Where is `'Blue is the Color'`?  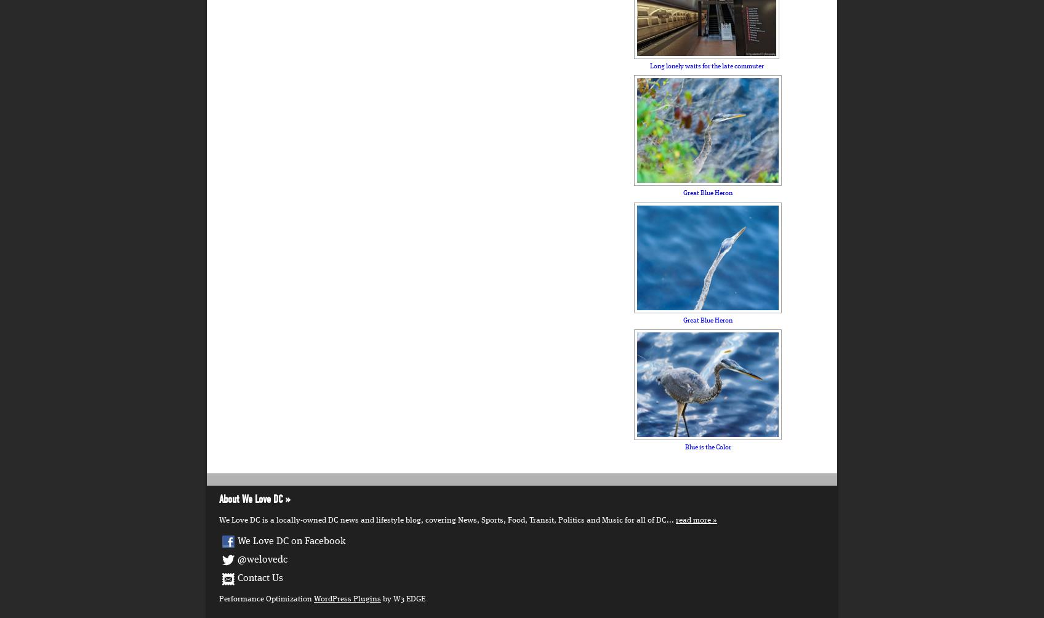
'Blue is the Color' is located at coordinates (707, 446).